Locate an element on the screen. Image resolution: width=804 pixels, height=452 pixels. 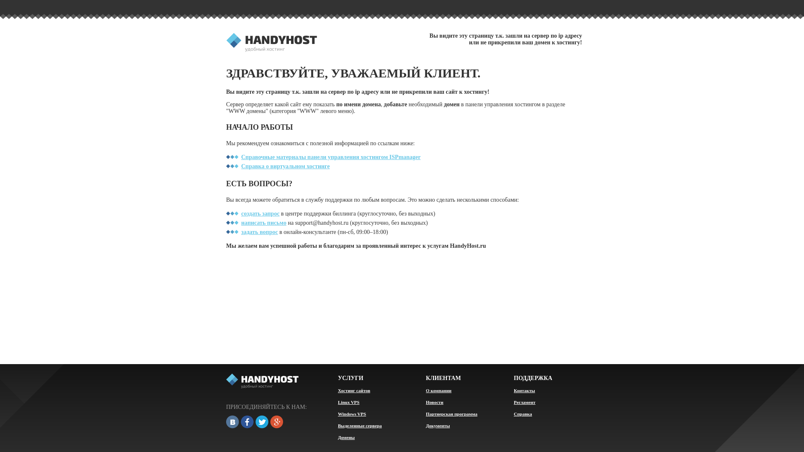
'twitter handyhost' is located at coordinates (261, 422).